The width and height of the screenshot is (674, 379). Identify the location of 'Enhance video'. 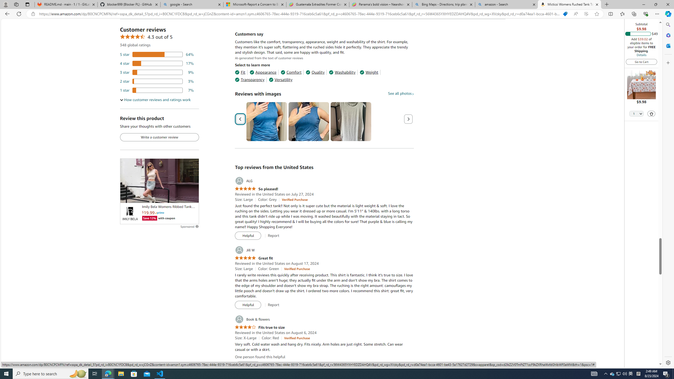
(586, 14).